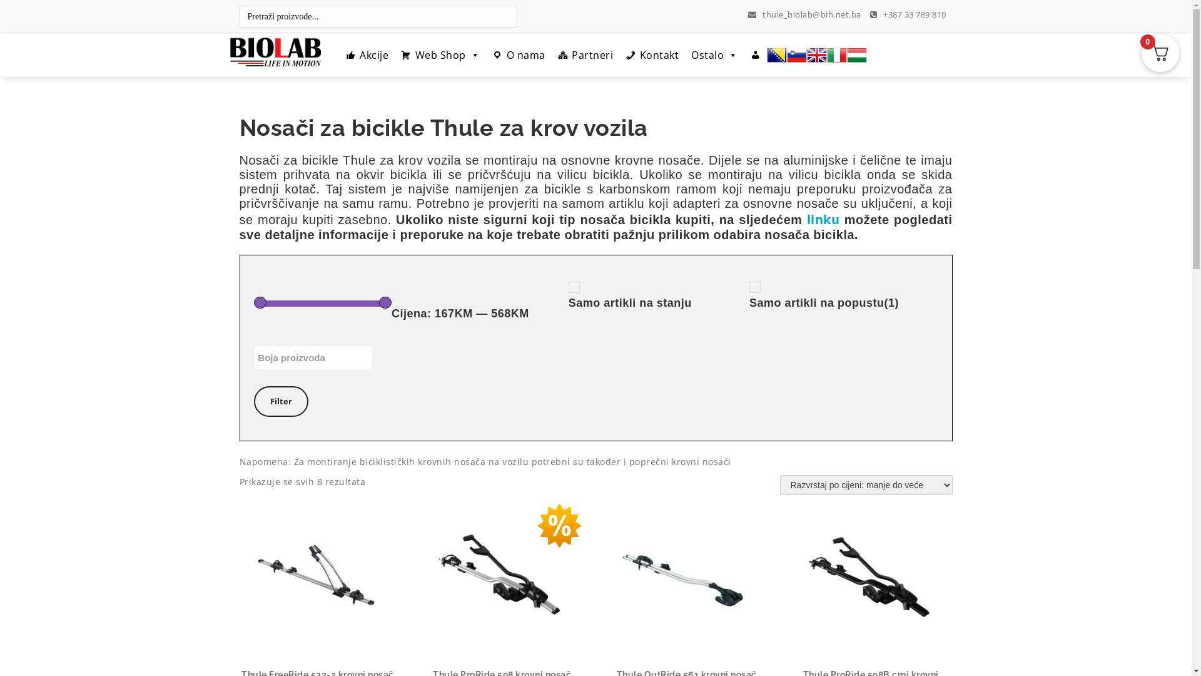 The height and width of the screenshot is (676, 1201). Describe the element at coordinates (280, 401) in the screenshot. I see `'Filter'` at that location.